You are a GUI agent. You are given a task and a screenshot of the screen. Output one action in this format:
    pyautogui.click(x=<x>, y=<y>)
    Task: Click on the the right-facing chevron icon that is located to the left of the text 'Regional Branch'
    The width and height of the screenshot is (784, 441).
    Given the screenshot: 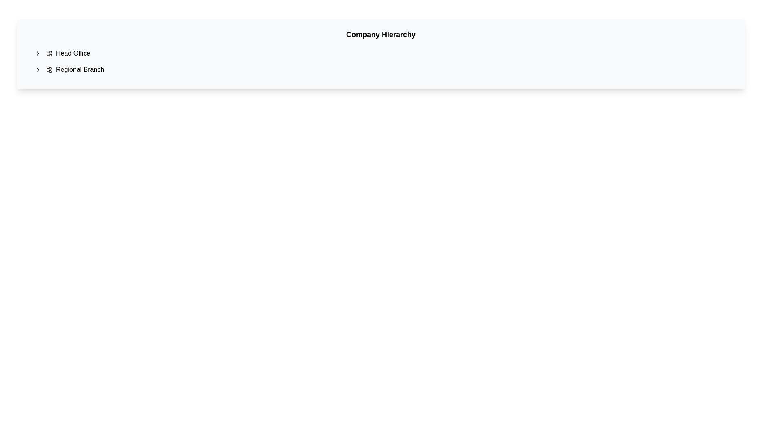 What is the action you would take?
    pyautogui.click(x=37, y=53)
    